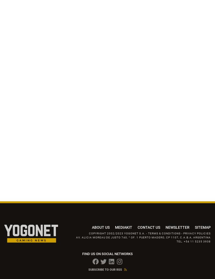 The height and width of the screenshot is (279, 215). I want to click on 'Newsletter', so click(177, 227).